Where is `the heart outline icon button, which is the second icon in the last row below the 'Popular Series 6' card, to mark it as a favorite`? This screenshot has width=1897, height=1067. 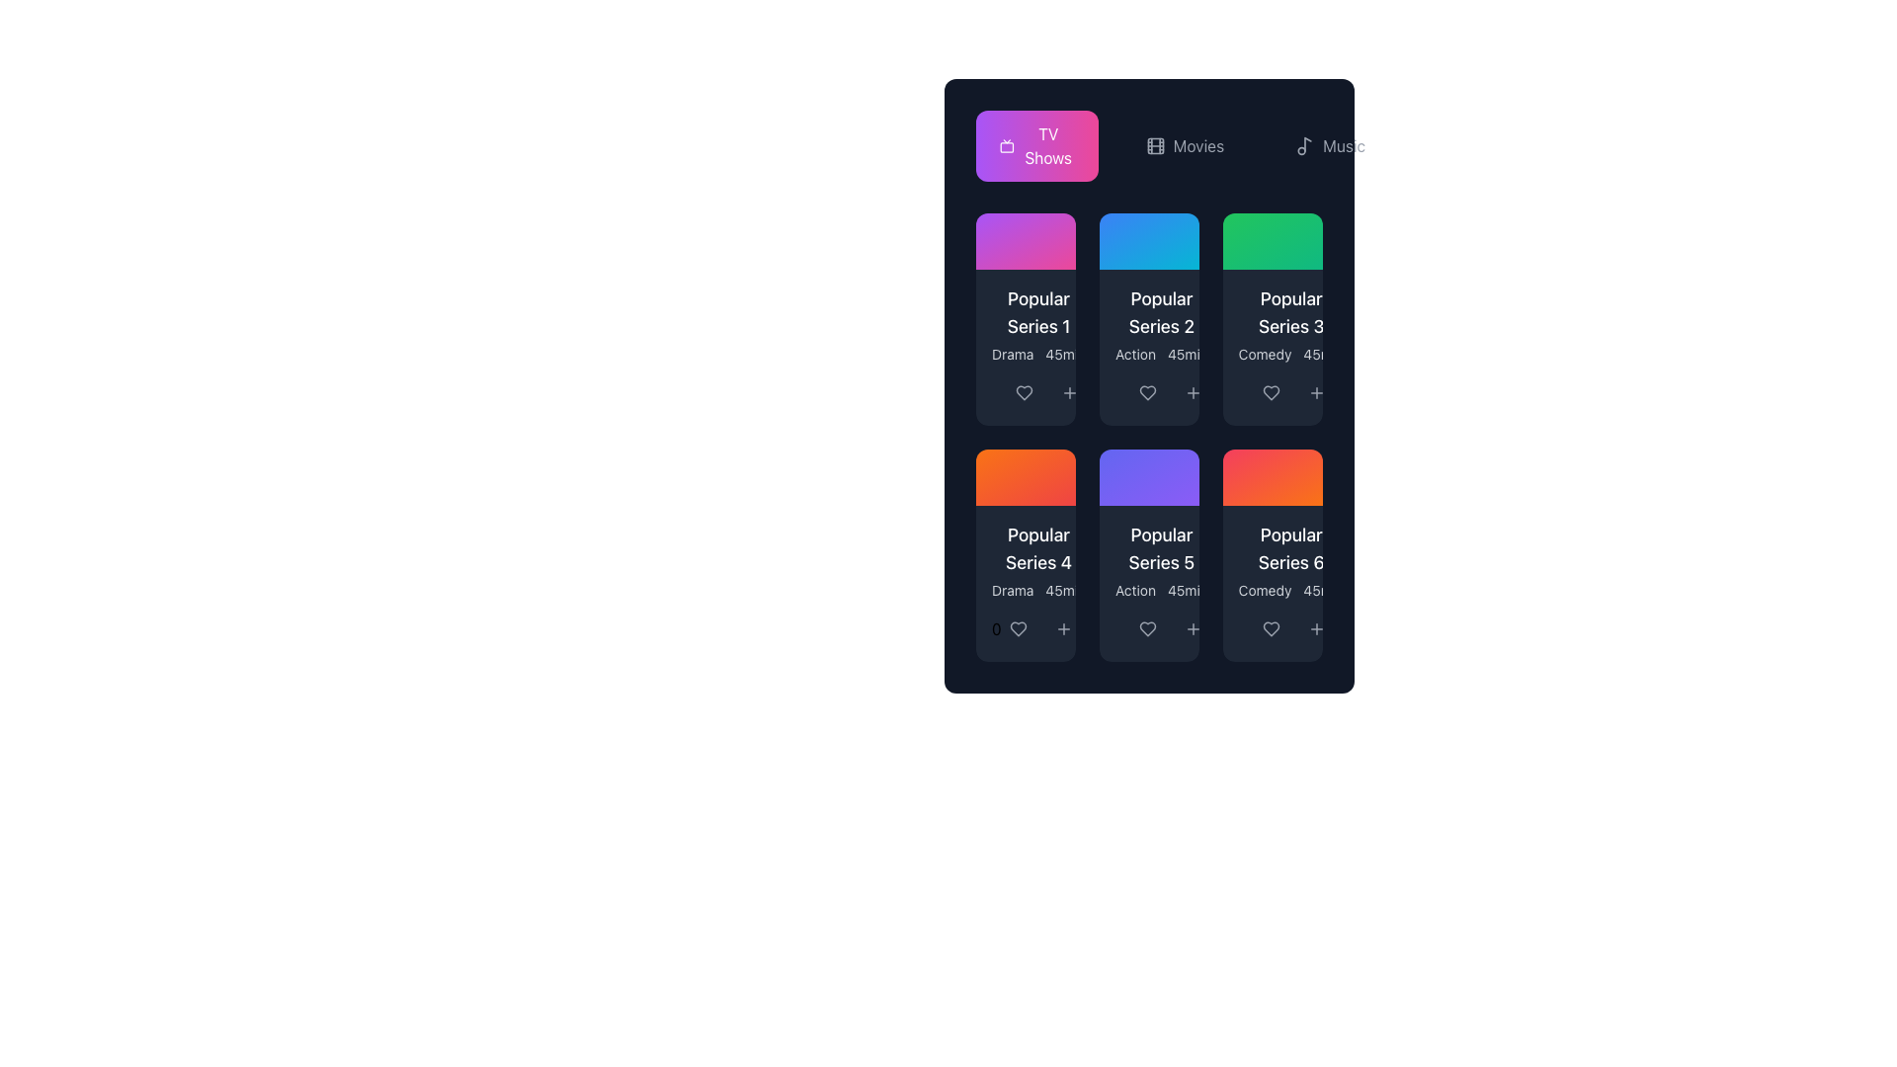
the heart outline icon button, which is the second icon in the last row below the 'Popular Series 6' card, to mark it as a favorite is located at coordinates (1271, 628).